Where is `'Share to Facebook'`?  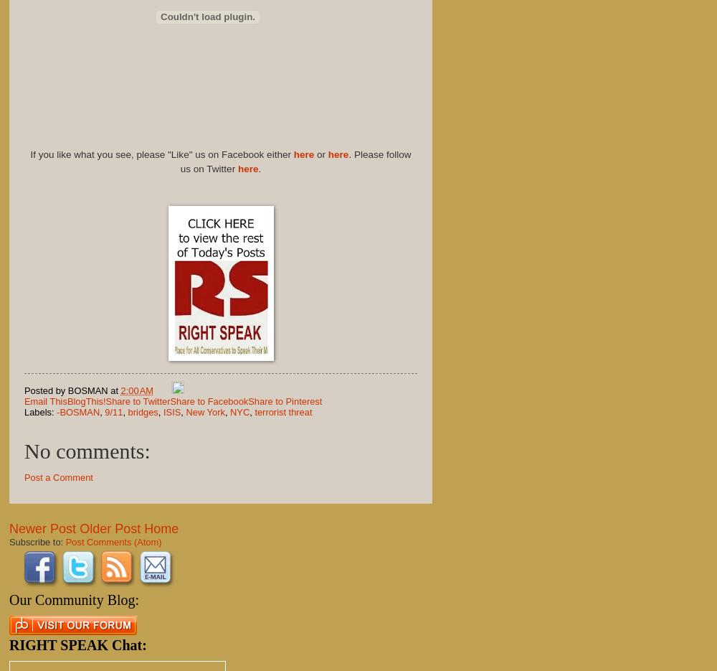
'Share to Facebook' is located at coordinates (209, 400).